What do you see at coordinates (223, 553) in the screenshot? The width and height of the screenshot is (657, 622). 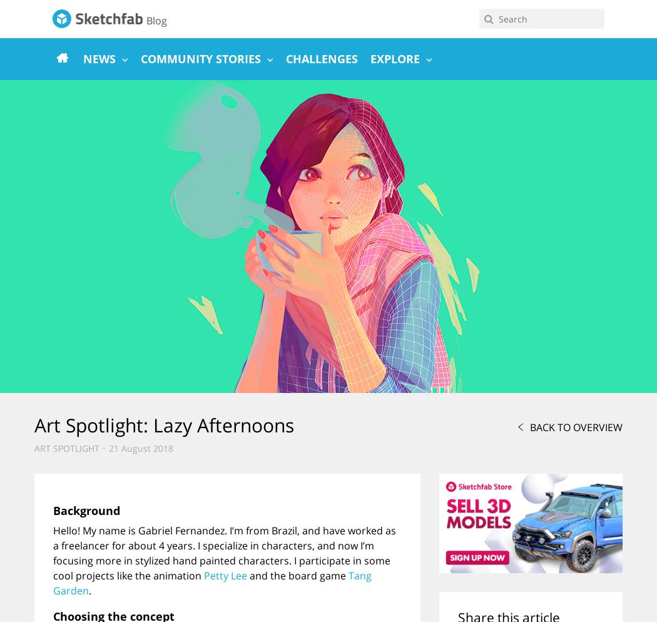 I see `'Hello! My name is Gabriel Fernandez. I’m from Brazil, and have worked as a freelancer for about 4 years. I specialize in characters, and now I’m focusing more in stylized hand painted characters. I participate in some cool projects like the animation'` at bounding box center [223, 553].